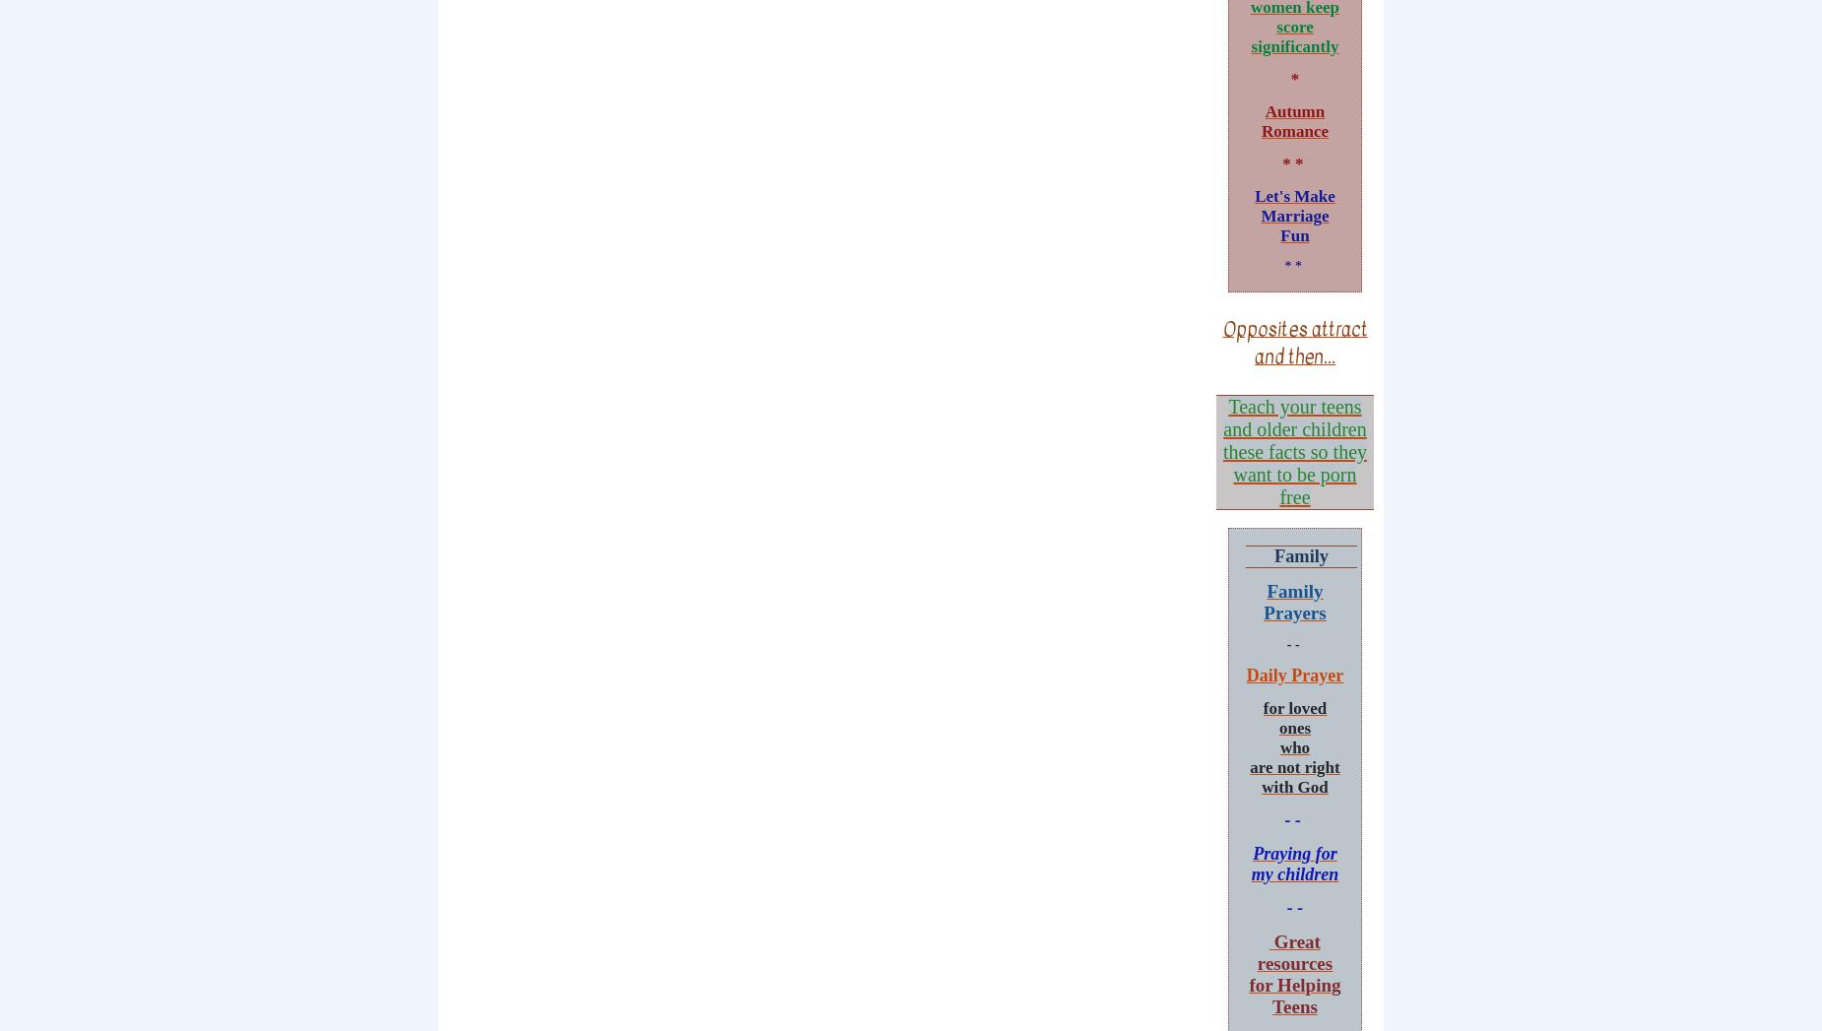  Describe the element at coordinates (1293, 119) in the screenshot. I see `'Autumn Romance'` at that location.